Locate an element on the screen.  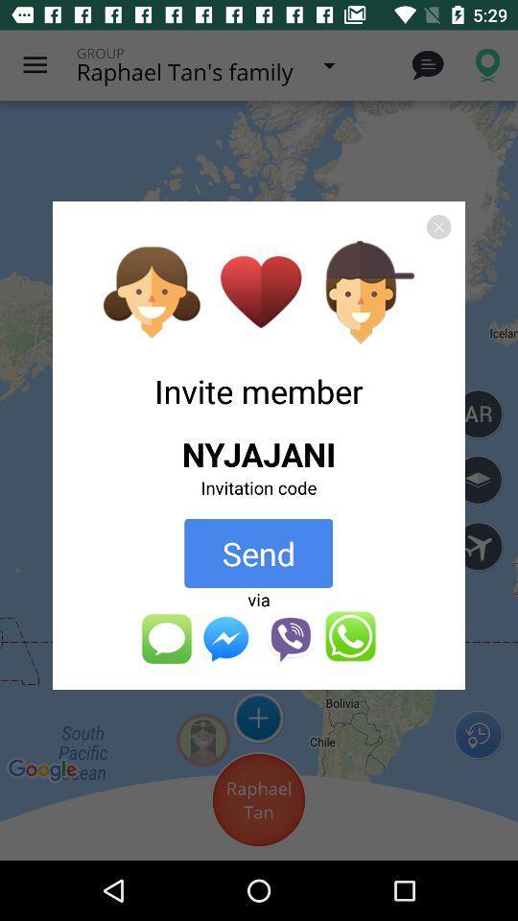
dialogue box is located at coordinates (438, 226).